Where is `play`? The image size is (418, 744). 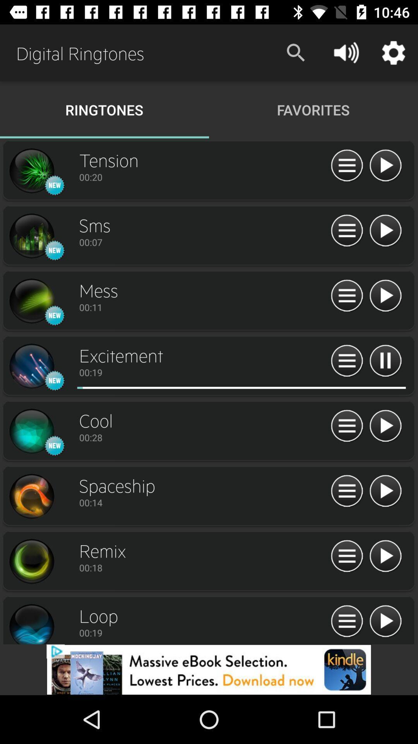
play is located at coordinates (385, 231).